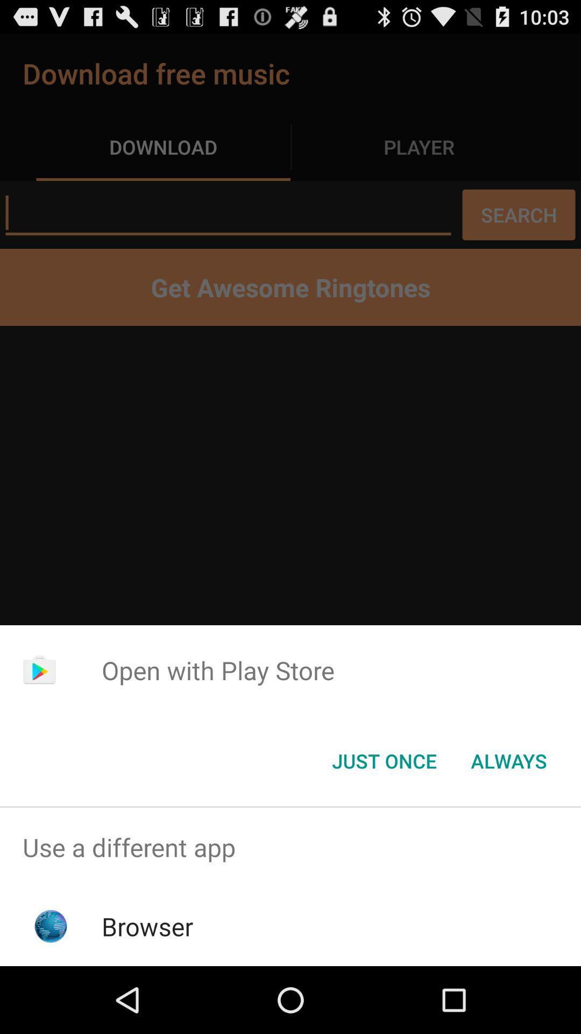  I want to click on the item below open with play icon, so click(384, 760).